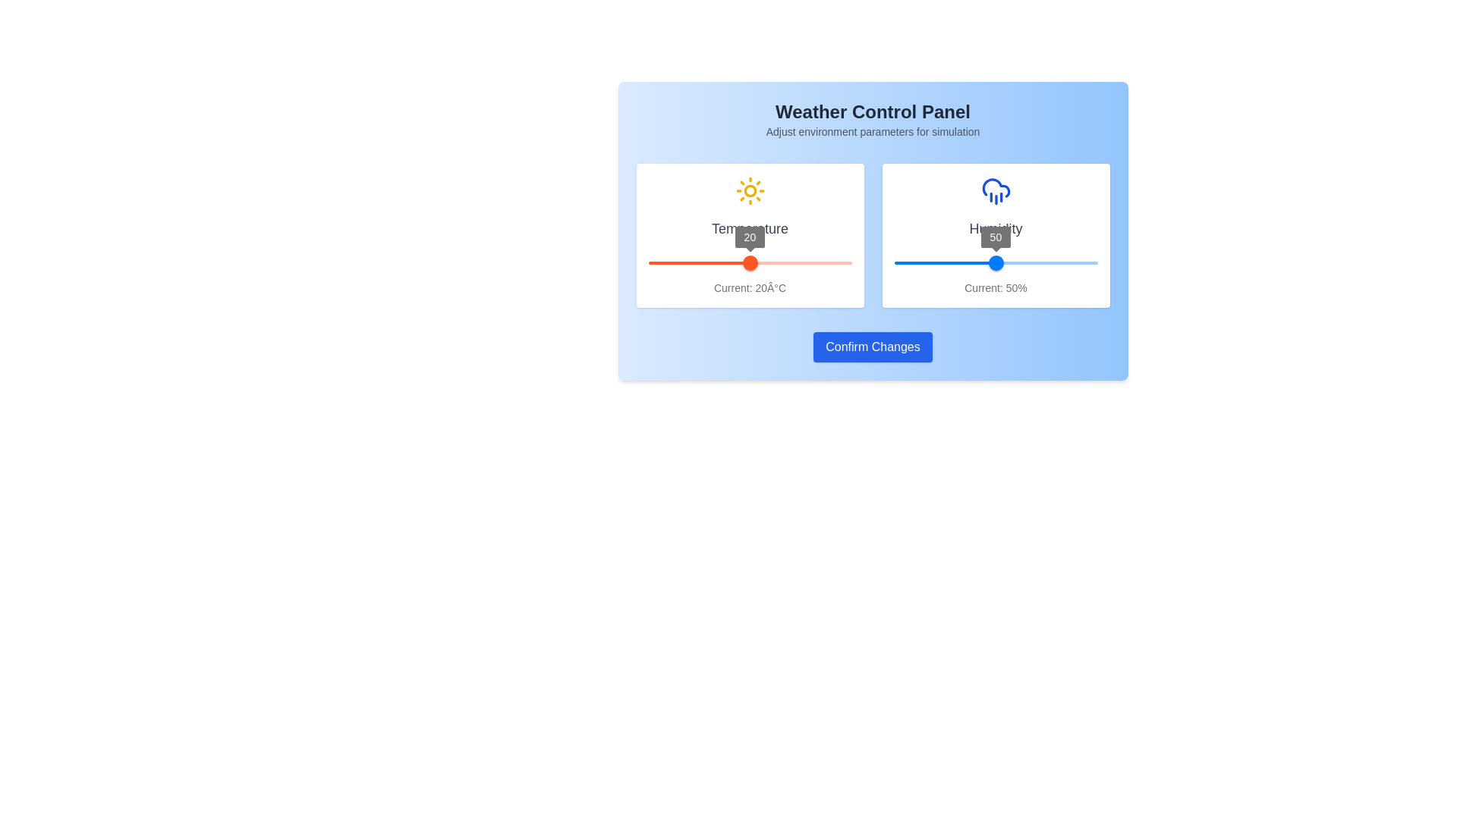  What do you see at coordinates (750, 262) in the screenshot?
I see `the circular slider thumb with the numeric label '20'` at bounding box center [750, 262].